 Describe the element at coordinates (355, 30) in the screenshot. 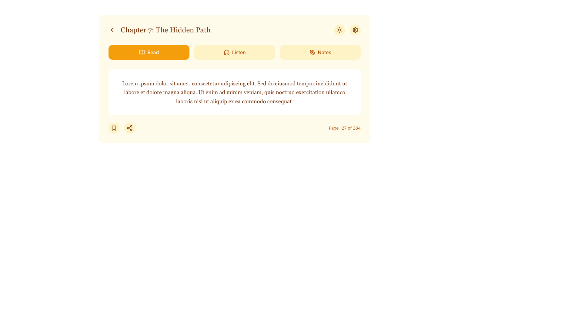

I see `the circular gear-shaped icon in the top-right corner of the interface` at that location.